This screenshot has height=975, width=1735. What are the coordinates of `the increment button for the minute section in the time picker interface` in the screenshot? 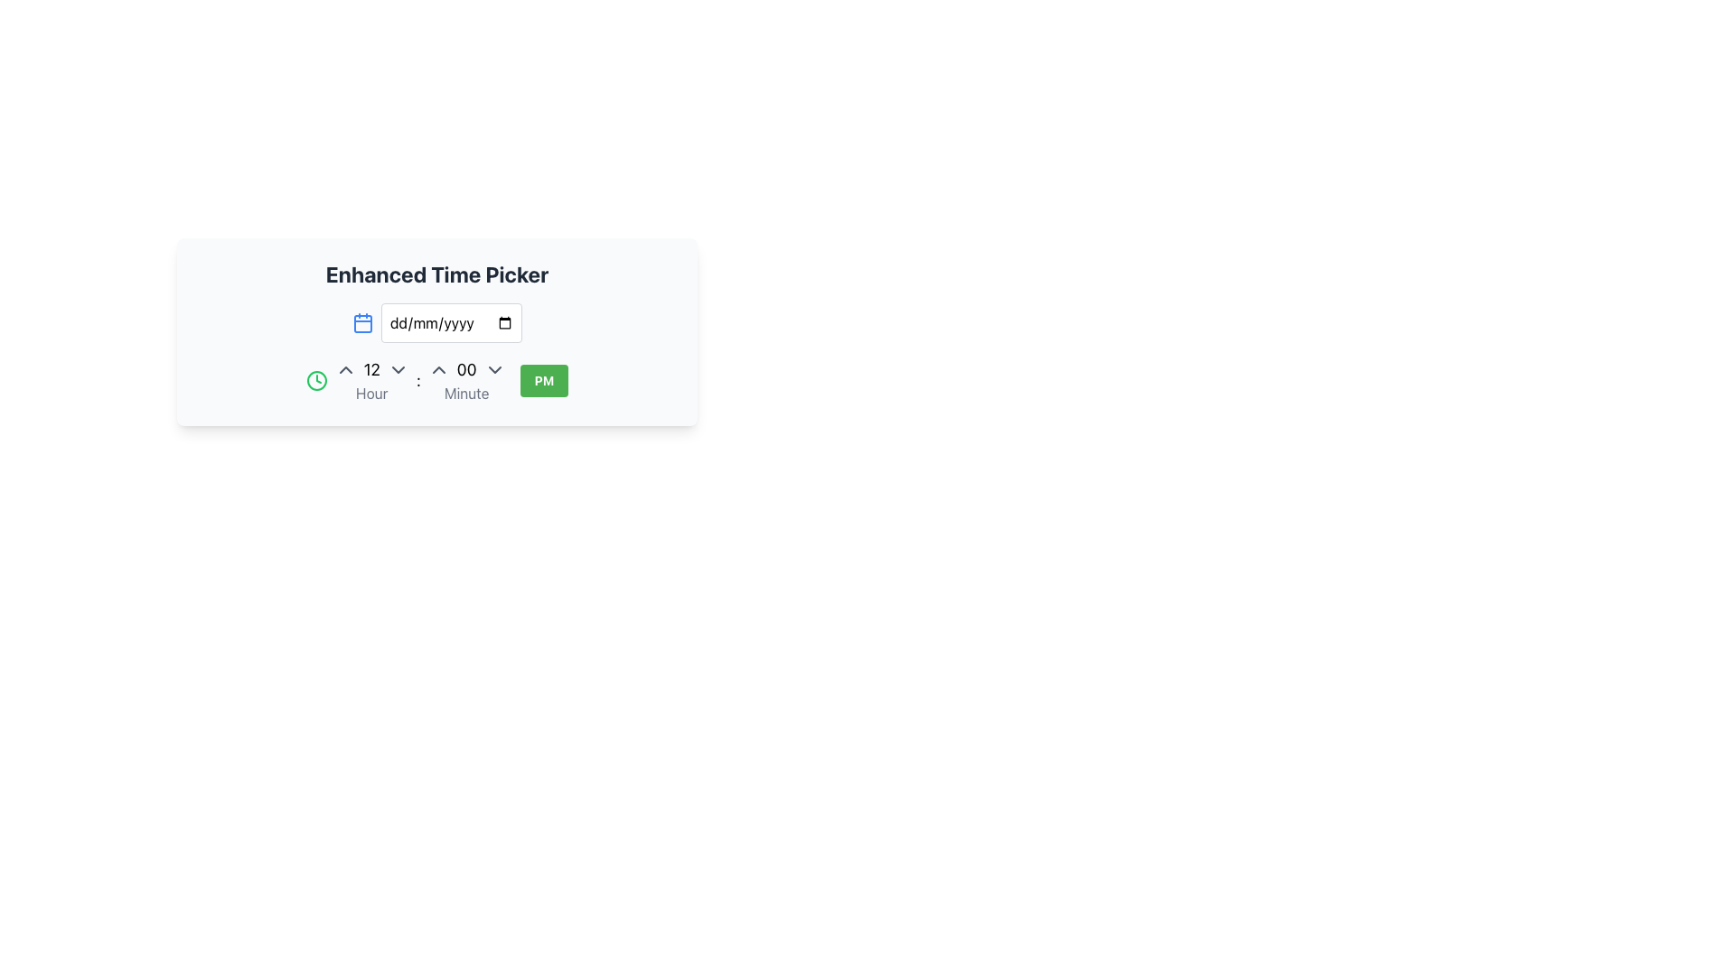 It's located at (438, 368).